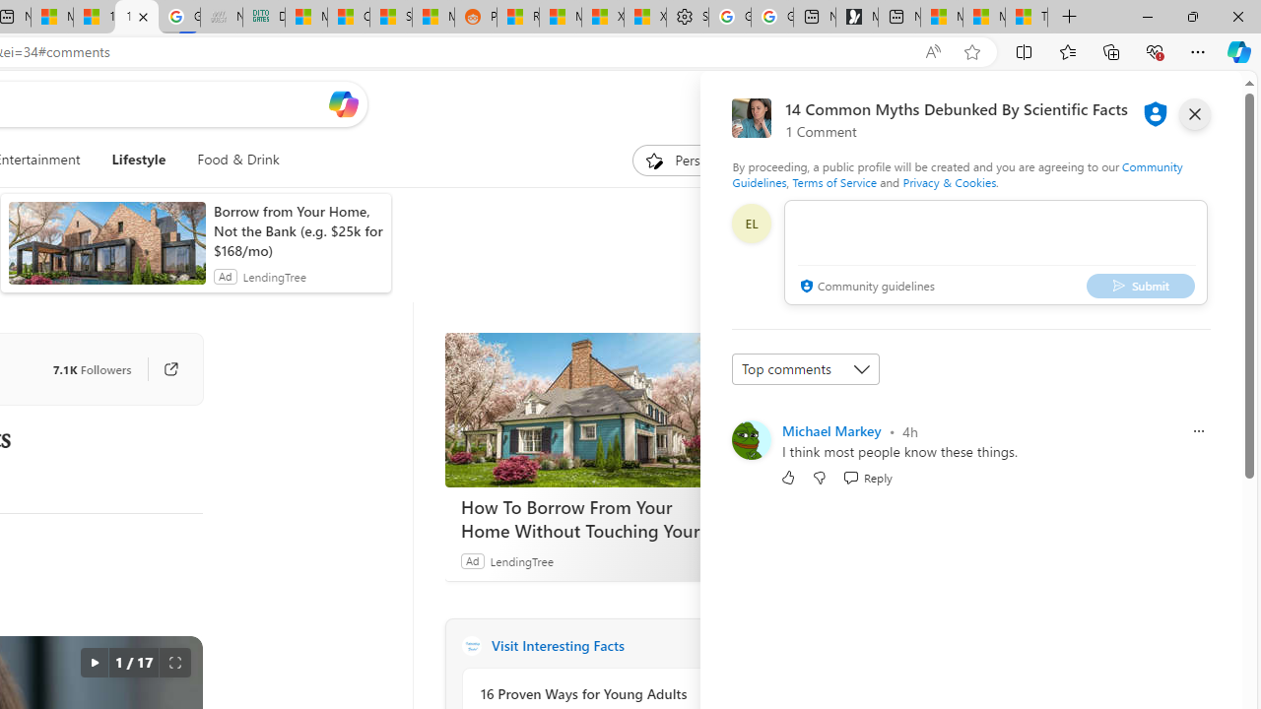 This screenshot has height=709, width=1261. What do you see at coordinates (865, 287) in the screenshot?
I see `'Community guidelines'` at bounding box center [865, 287].